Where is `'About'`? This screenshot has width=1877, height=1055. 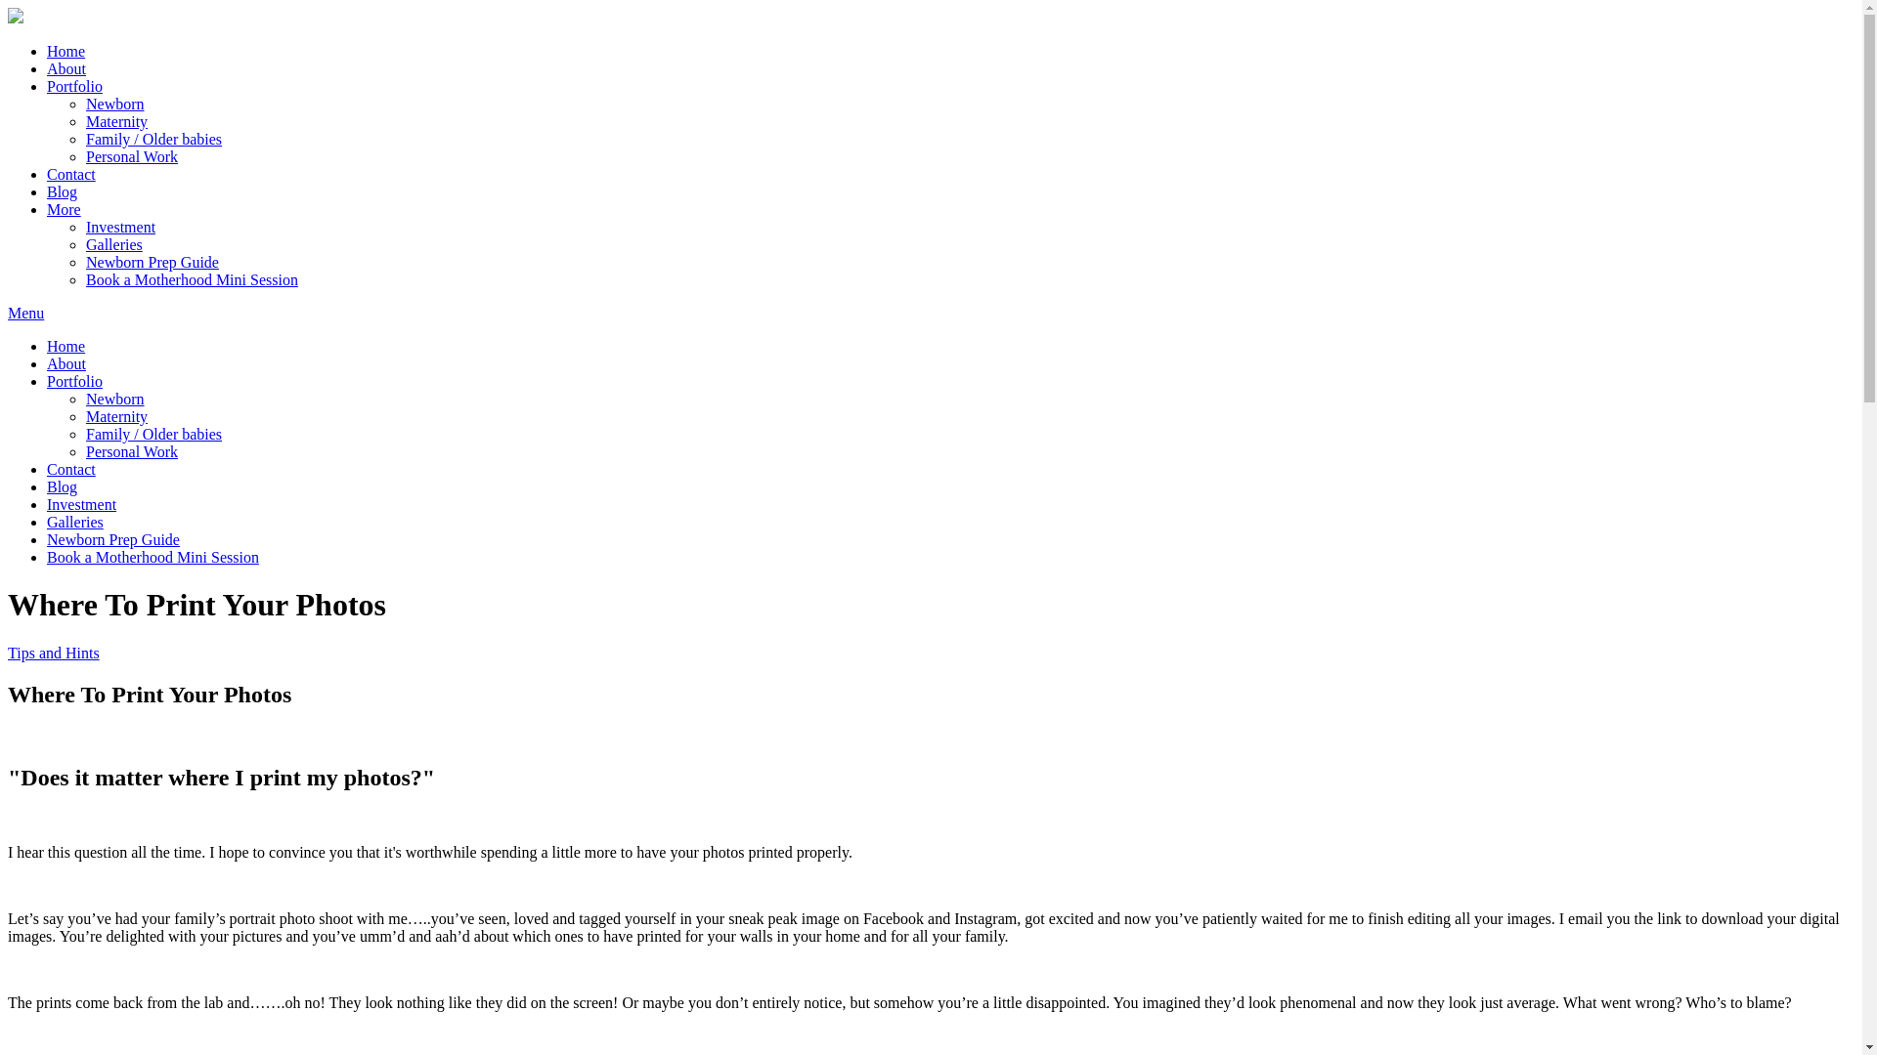 'About' is located at coordinates (65, 67).